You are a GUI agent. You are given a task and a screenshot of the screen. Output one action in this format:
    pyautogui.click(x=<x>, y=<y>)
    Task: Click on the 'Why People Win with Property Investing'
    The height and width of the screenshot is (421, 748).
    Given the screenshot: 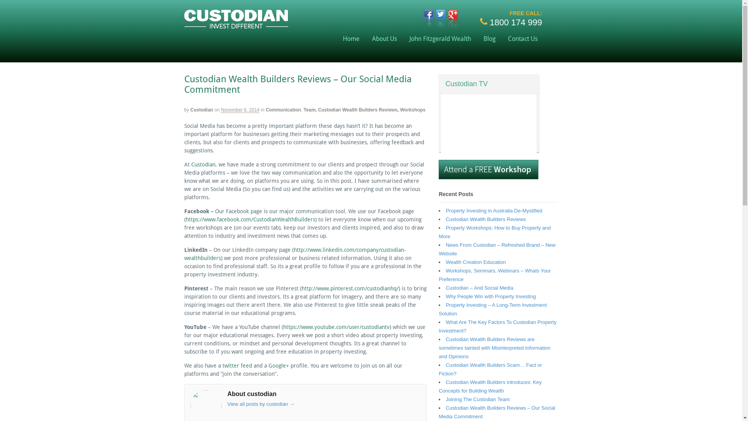 What is the action you would take?
    pyautogui.click(x=445, y=296)
    